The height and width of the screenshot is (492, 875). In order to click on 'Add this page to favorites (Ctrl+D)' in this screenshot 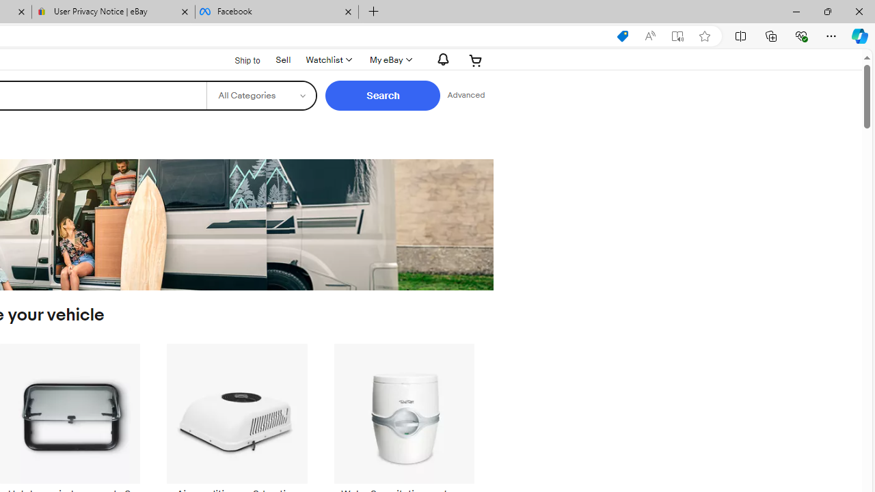, I will do `click(705, 36)`.